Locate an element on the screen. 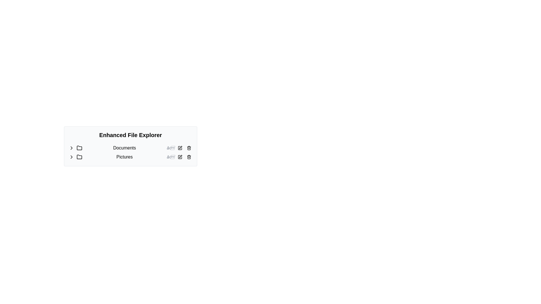 The image size is (541, 304). the folder icon located to the left of the 'Pictures' text is located at coordinates (79, 157).